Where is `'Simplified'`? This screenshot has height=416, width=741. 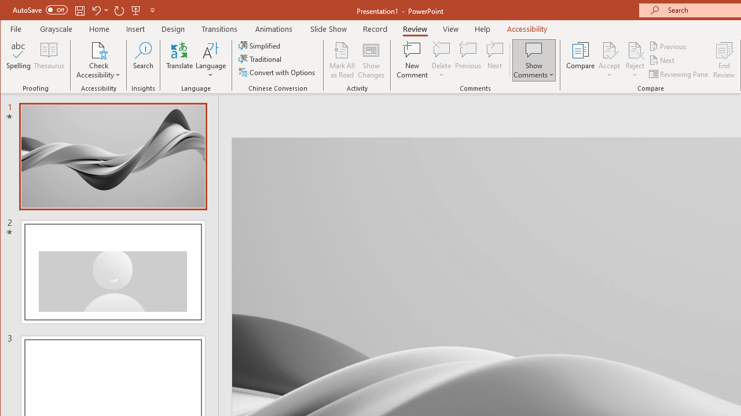 'Simplified' is located at coordinates (260, 45).